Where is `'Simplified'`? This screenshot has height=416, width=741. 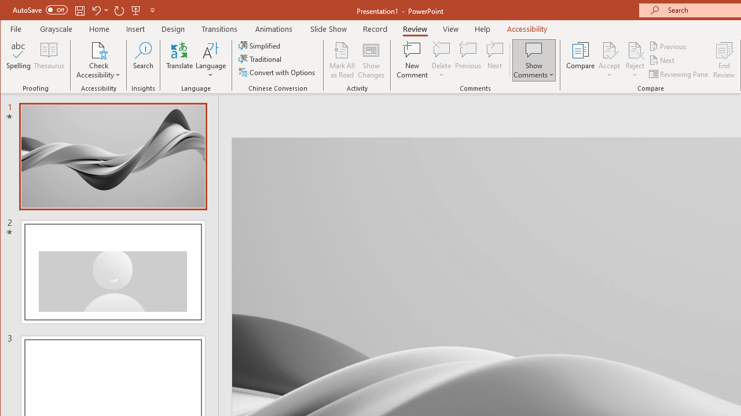 'Simplified' is located at coordinates (260, 45).